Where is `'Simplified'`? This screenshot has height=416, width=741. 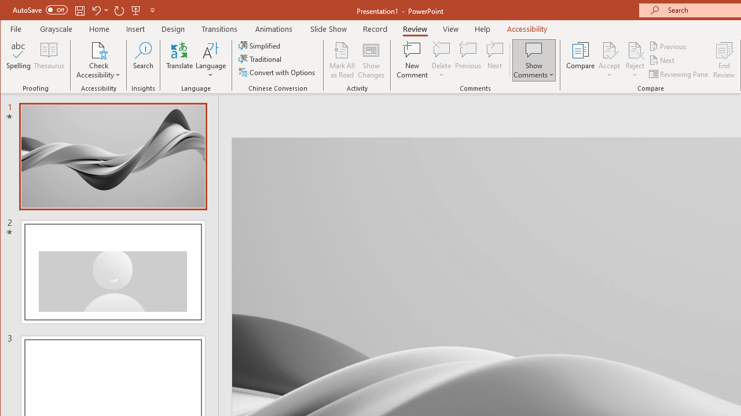 'Simplified' is located at coordinates (260, 45).